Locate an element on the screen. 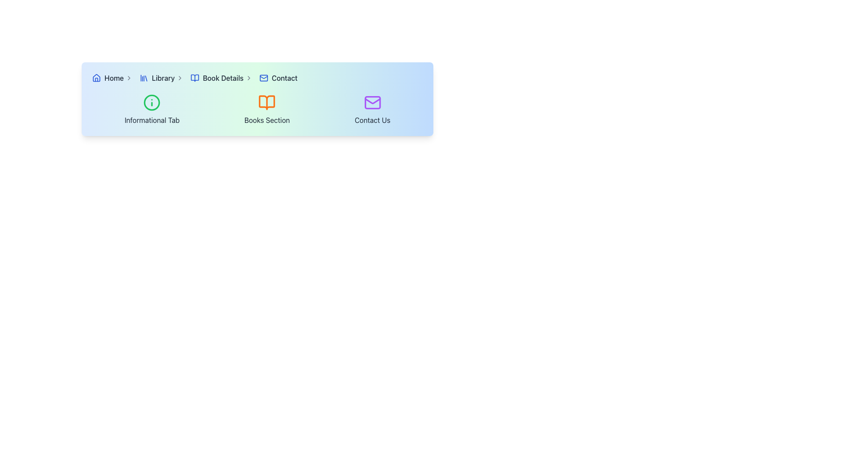  the blue outlined house icon in the upper-left corner of the interface, which is the first icon preceding the text 'Home' is located at coordinates (97, 77).